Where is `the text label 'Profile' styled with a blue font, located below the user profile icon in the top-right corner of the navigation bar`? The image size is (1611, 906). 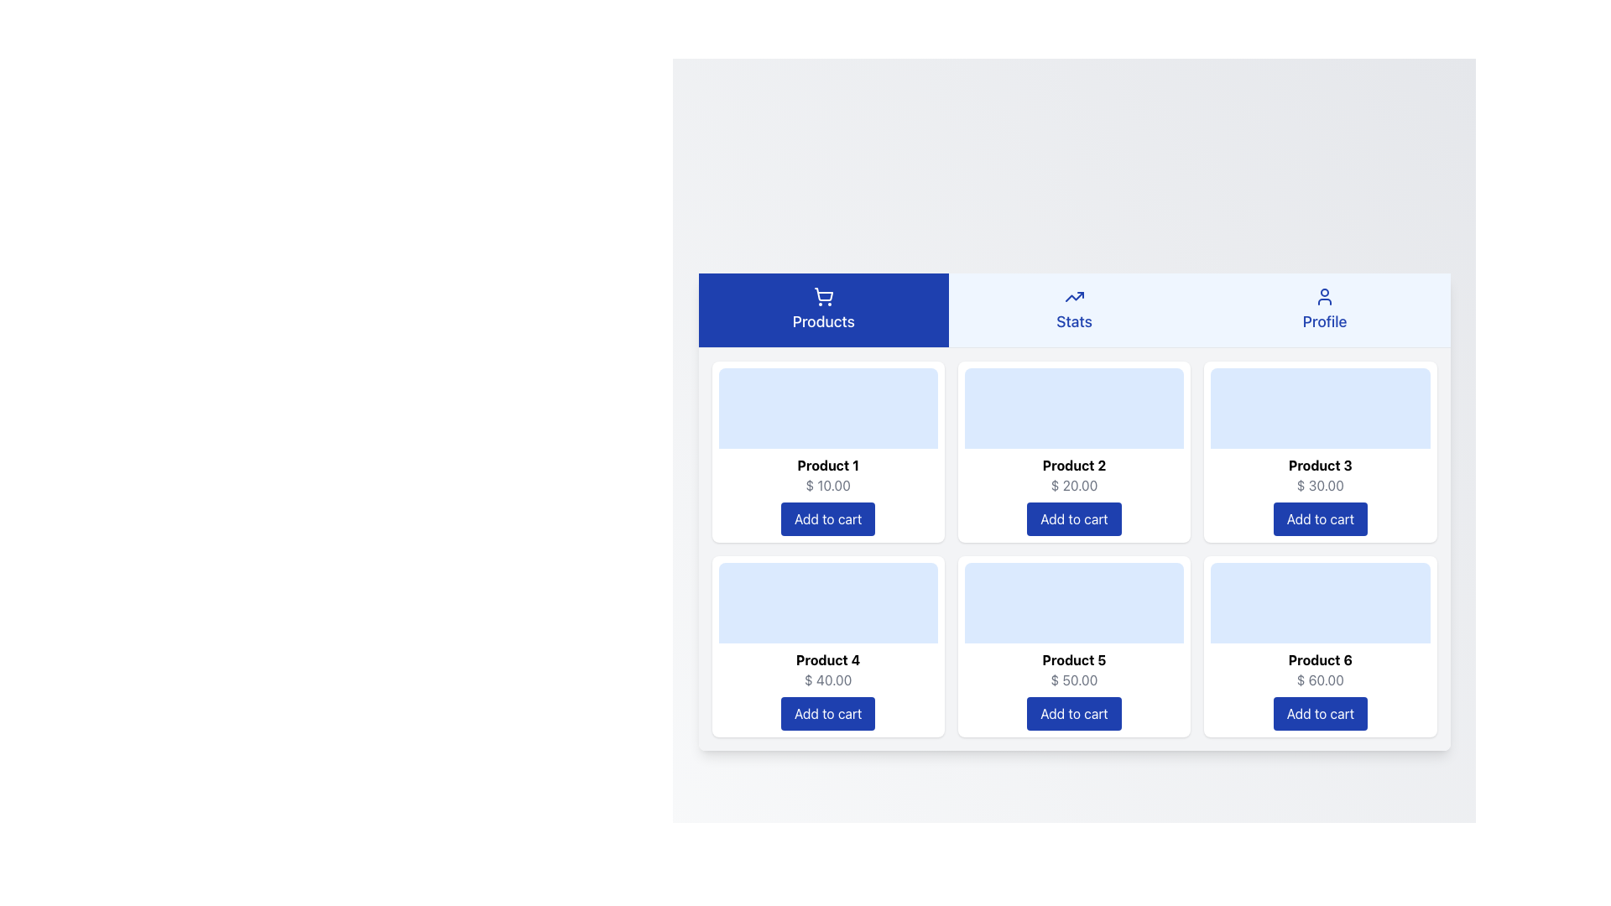 the text label 'Profile' styled with a blue font, located below the user profile icon in the top-right corner of the navigation bar is located at coordinates (1324, 321).